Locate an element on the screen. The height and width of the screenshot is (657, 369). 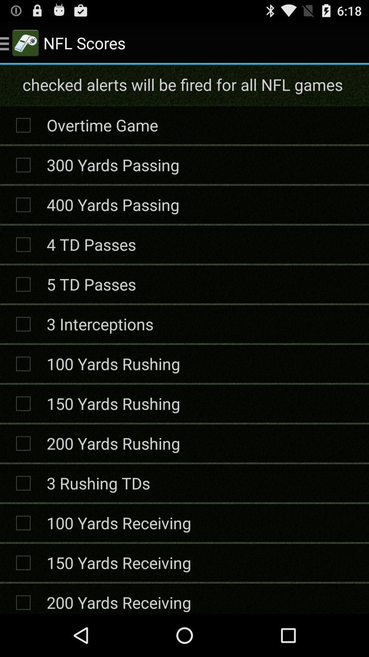
the item above 100 yards rushing is located at coordinates (100, 323).